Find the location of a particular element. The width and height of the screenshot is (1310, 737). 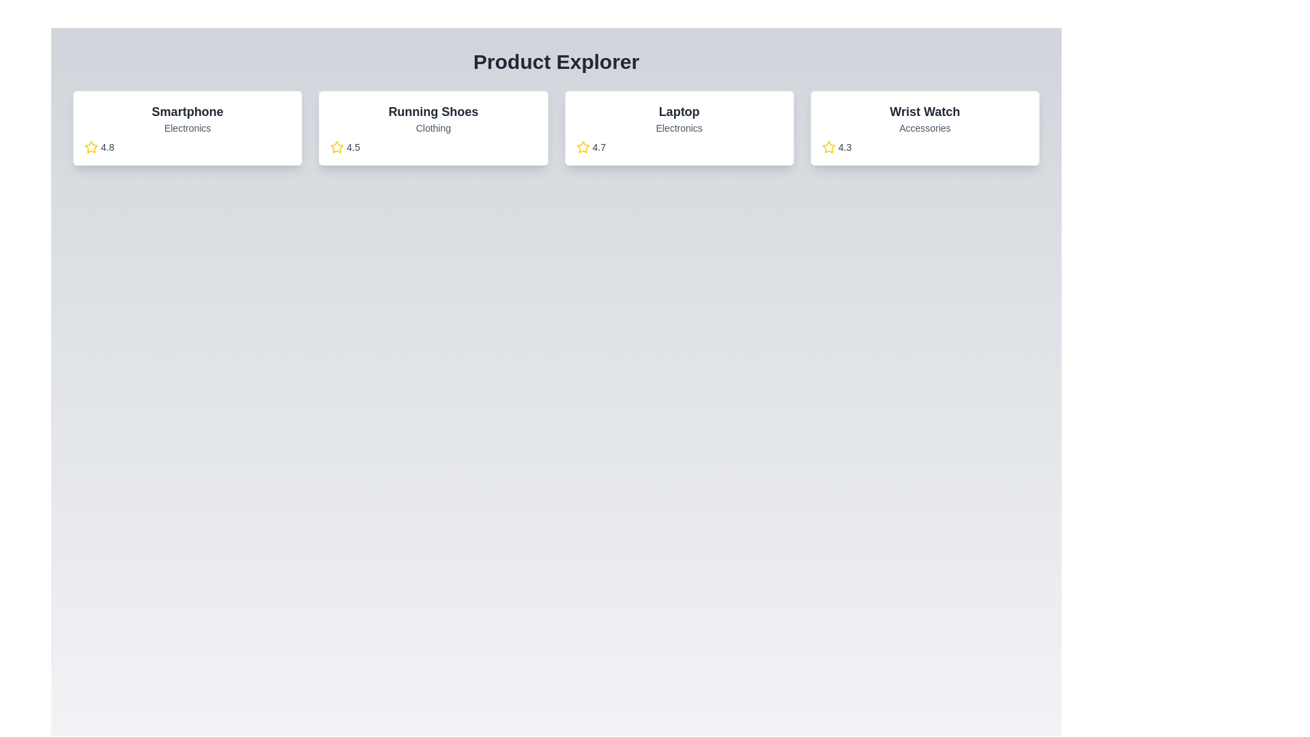

the 'Accessories' text label located at the bottom of the fourth product card, below 'Wrist Watch' and above the rating is located at coordinates (925, 128).